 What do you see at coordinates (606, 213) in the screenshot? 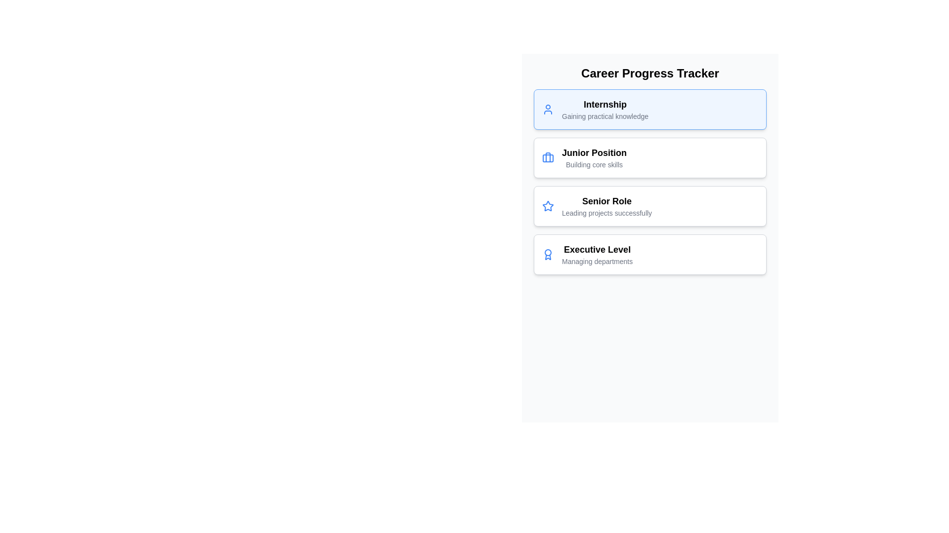
I see `the subtitle text displaying 'Leading projects successfully', which is styled in gray and positioned below the main title 'Senior Role' in the Career Progress Tracker interface` at bounding box center [606, 213].